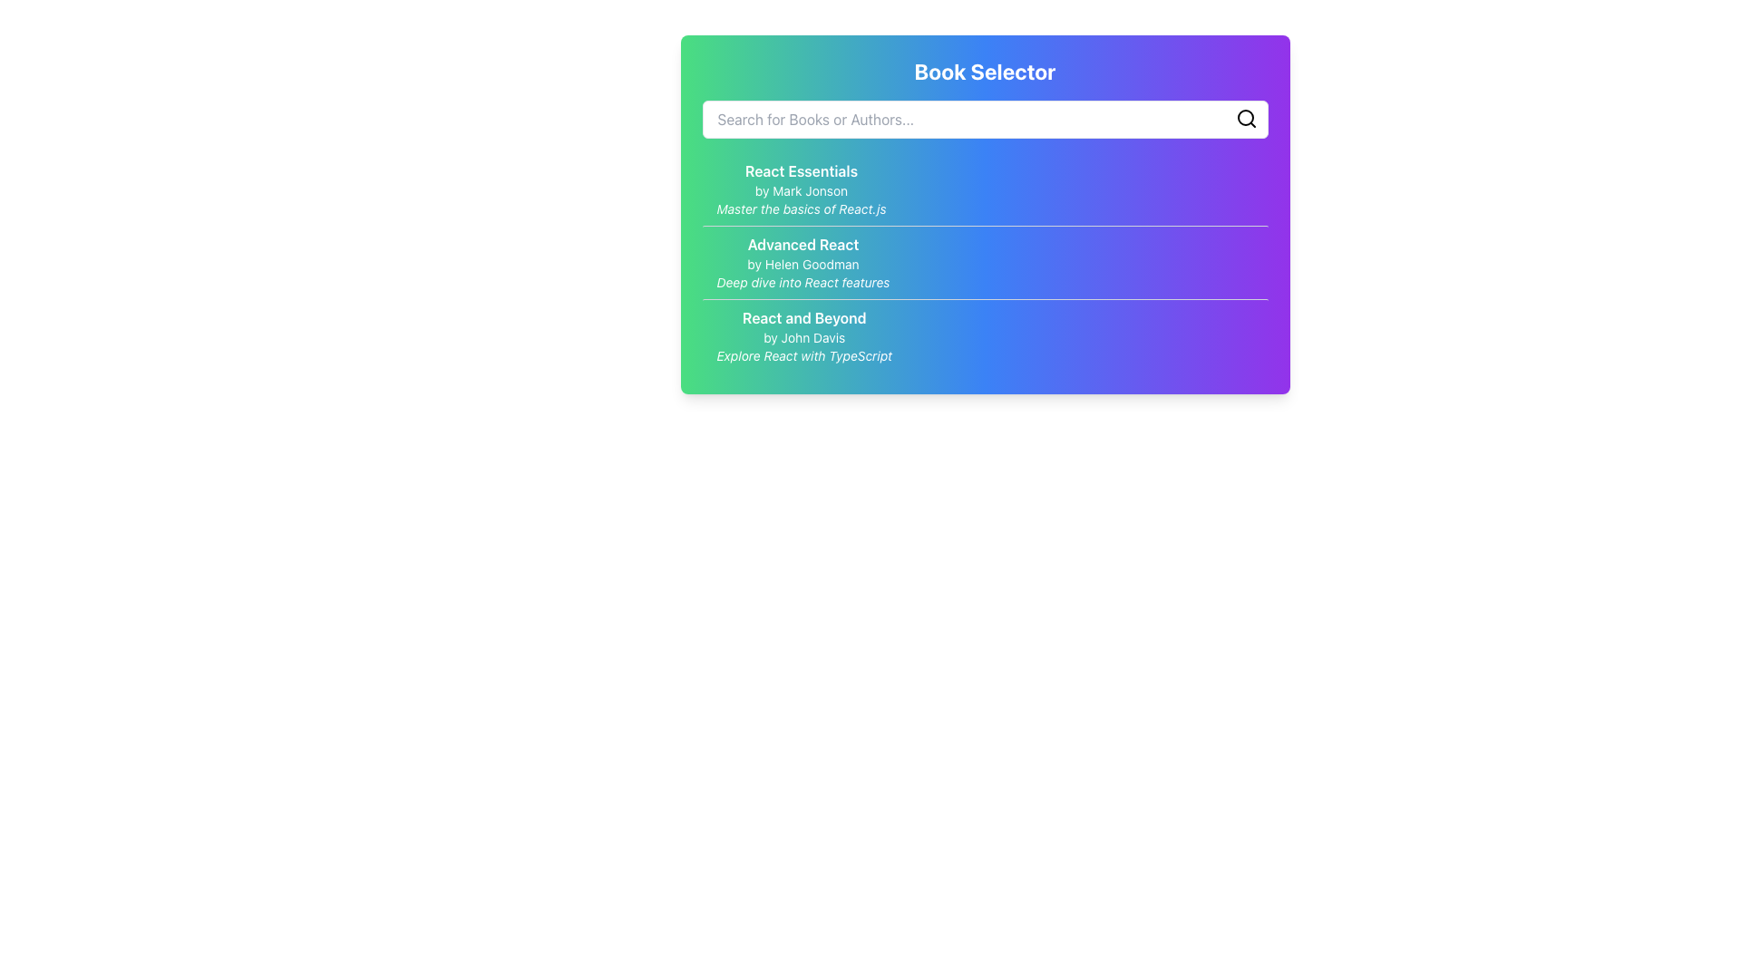  What do you see at coordinates (800, 191) in the screenshot?
I see `the text snippet that reads 'by Mark Jonson', which is positioned below the bold title 'React Essentials' and above the italicized description 'Master the basics of React.js'` at bounding box center [800, 191].